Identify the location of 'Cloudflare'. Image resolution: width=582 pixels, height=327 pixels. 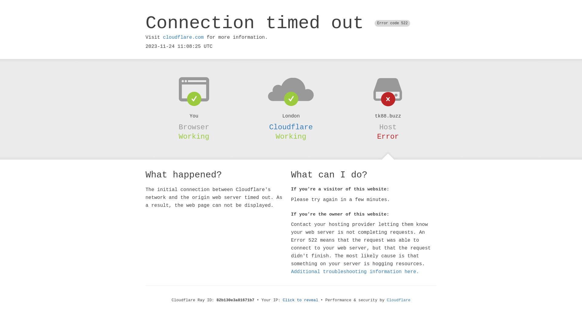
(291, 127).